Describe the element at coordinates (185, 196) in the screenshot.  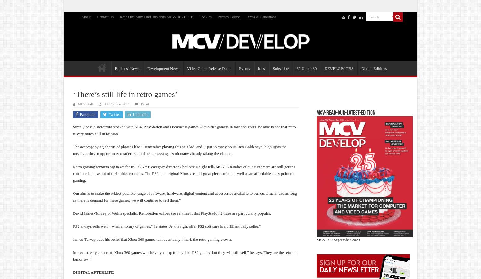
I see `'Our aim is to make the widest possible range of software, hardware, digital content and accessories available to our customers, and as long as there is demand for these games, we will continue to sell them.”'` at that location.